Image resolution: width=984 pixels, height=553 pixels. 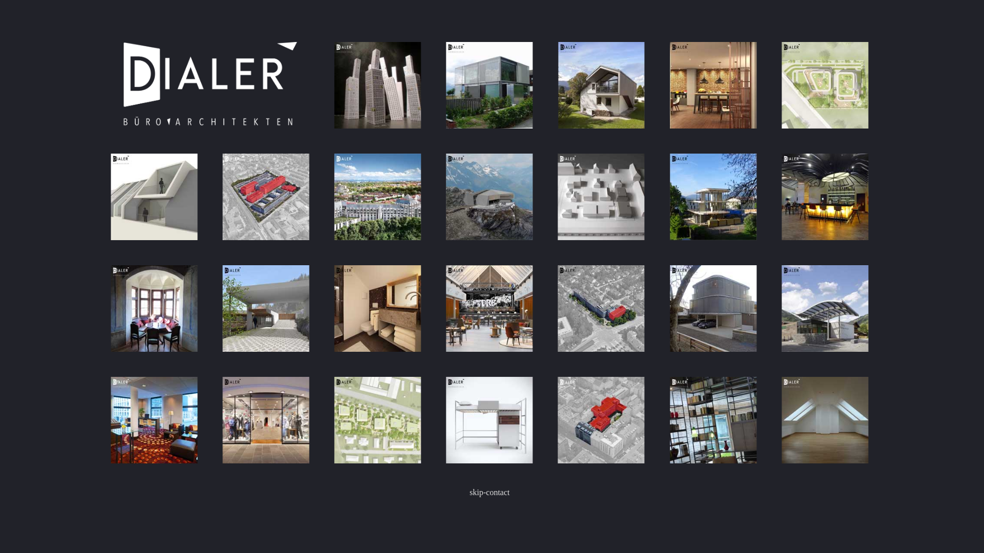 What do you see at coordinates (489, 492) in the screenshot?
I see `'skip-contact'` at bounding box center [489, 492].